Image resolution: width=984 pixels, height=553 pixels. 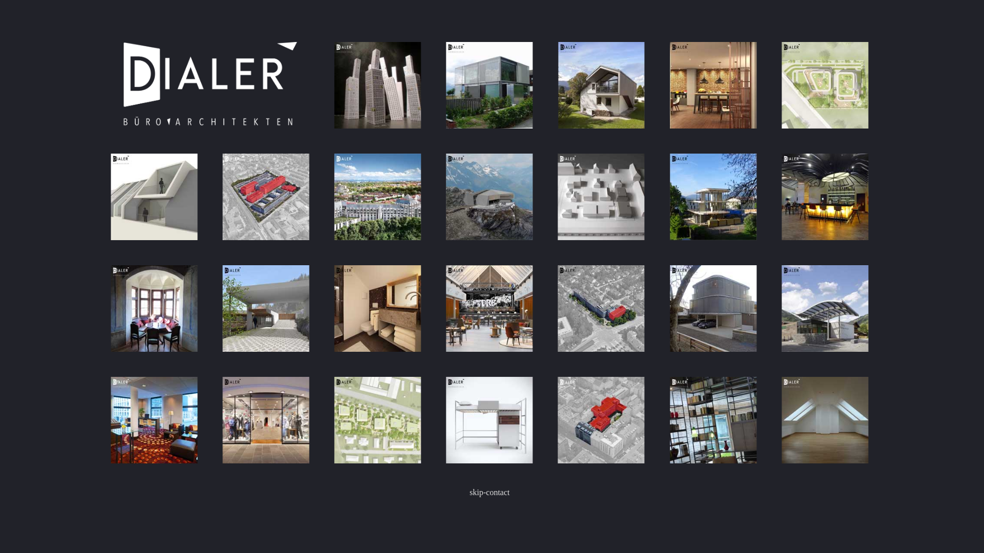 What do you see at coordinates (489, 492) in the screenshot?
I see `'skip-contact'` at bounding box center [489, 492].